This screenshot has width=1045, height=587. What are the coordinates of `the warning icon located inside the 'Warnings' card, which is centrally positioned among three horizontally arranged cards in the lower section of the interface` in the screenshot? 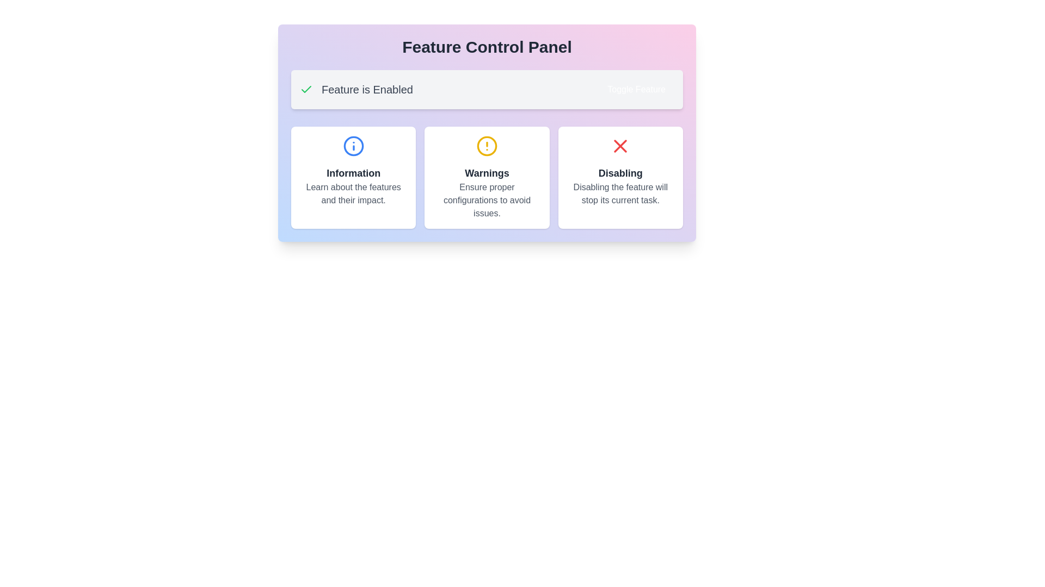 It's located at (486, 146).